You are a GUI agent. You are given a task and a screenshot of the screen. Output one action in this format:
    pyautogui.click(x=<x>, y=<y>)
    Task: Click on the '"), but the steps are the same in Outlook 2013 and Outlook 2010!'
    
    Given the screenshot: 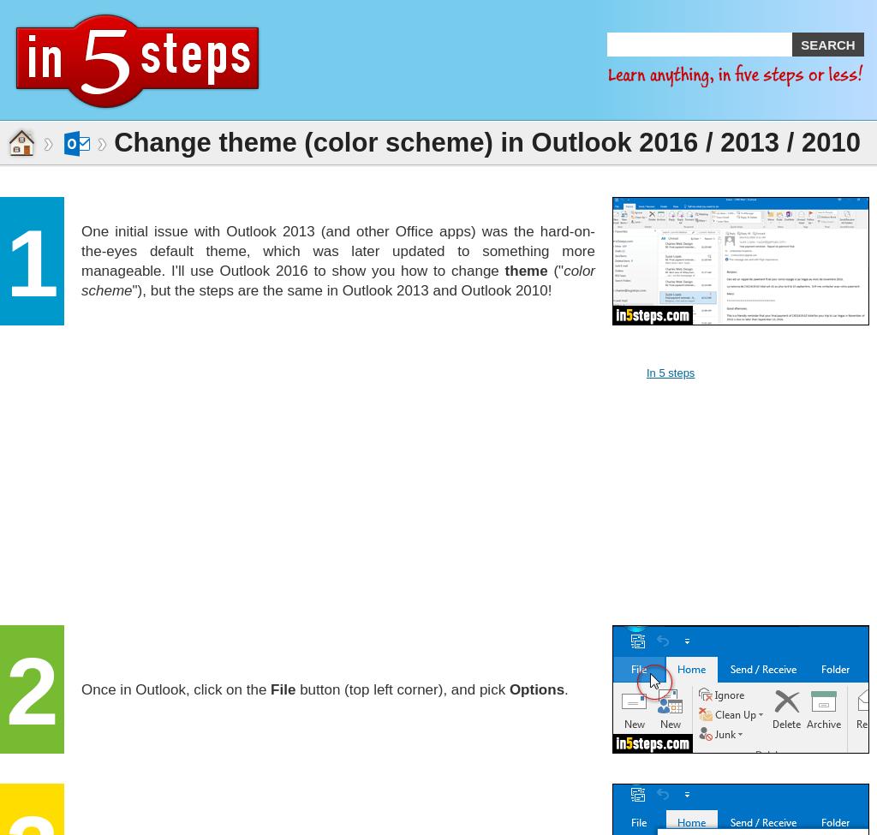 What is the action you would take?
    pyautogui.click(x=340, y=289)
    